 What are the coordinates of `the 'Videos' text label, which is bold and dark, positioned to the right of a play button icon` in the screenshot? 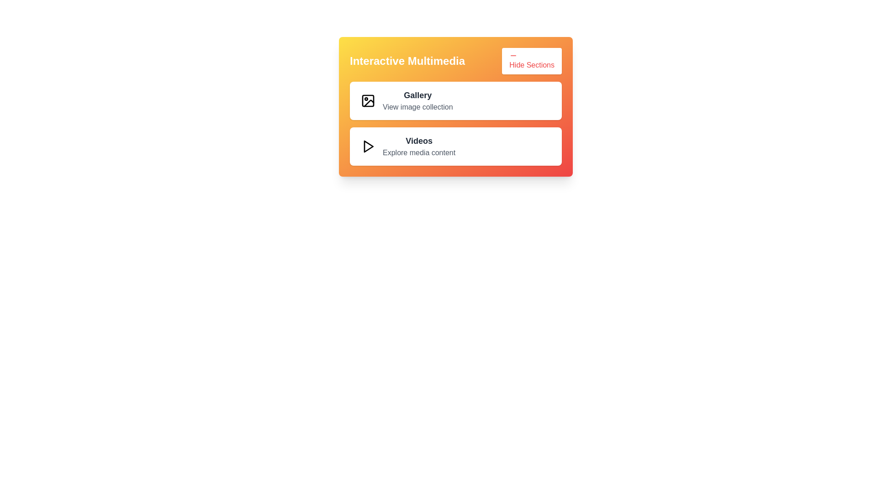 It's located at (418, 141).